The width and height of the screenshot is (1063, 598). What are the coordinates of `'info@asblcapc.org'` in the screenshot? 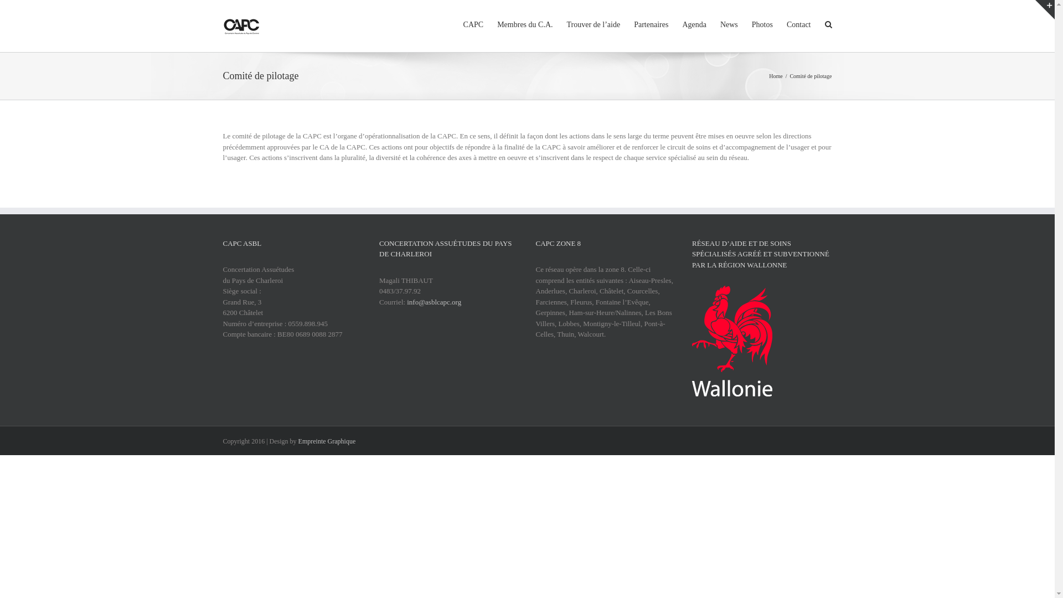 It's located at (406, 302).